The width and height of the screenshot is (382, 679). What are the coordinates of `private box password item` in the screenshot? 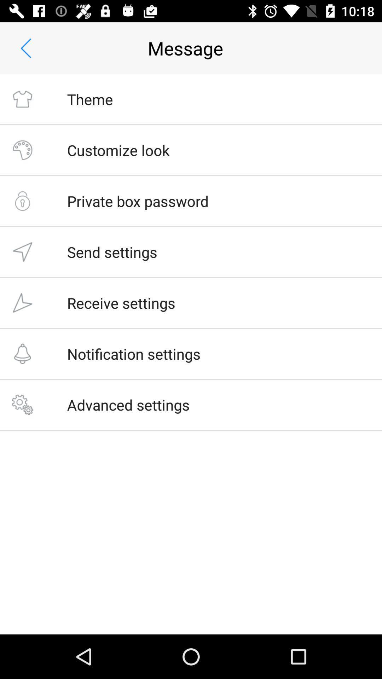 It's located at (138, 201).